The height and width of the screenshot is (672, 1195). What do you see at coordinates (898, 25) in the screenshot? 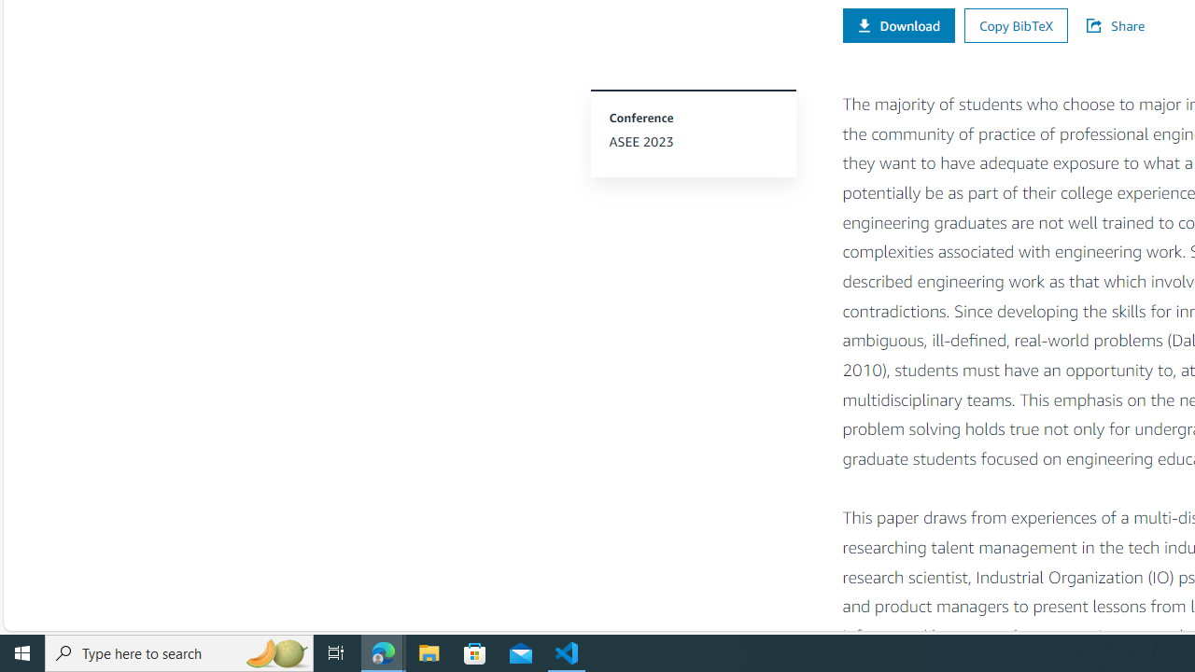
I see `'Download'` at bounding box center [898, 25].